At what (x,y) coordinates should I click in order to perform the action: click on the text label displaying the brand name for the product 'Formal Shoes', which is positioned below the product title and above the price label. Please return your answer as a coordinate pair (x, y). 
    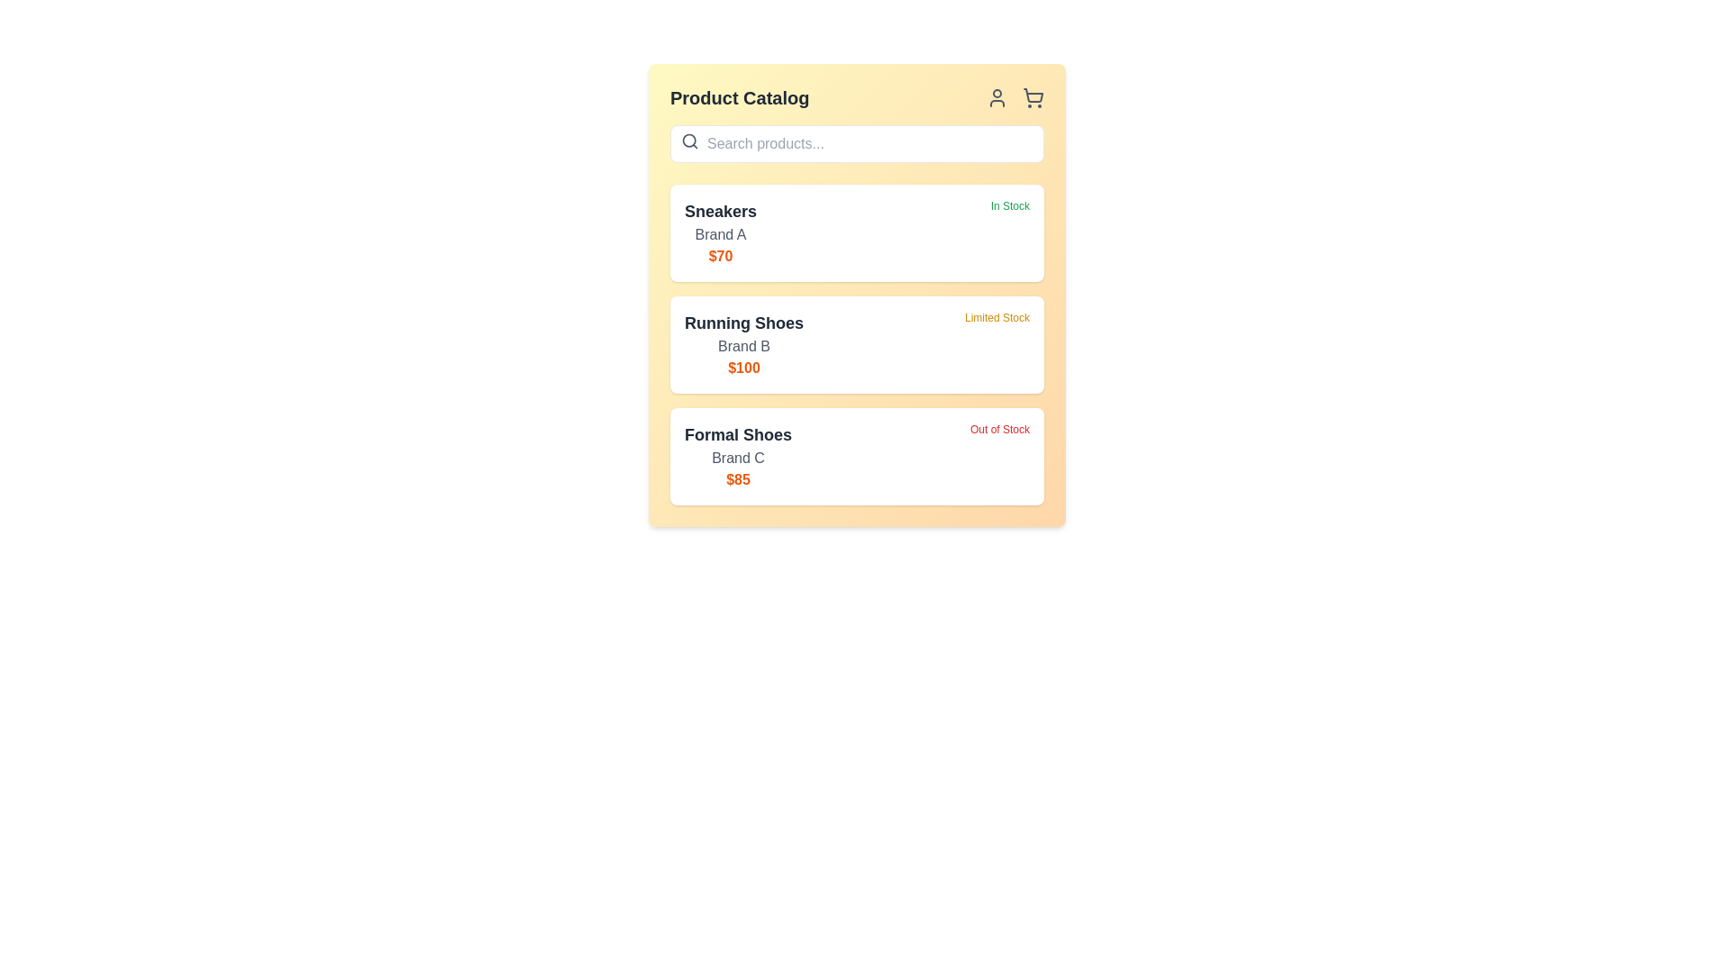
    Looking at the image, I should click on (738, 458).